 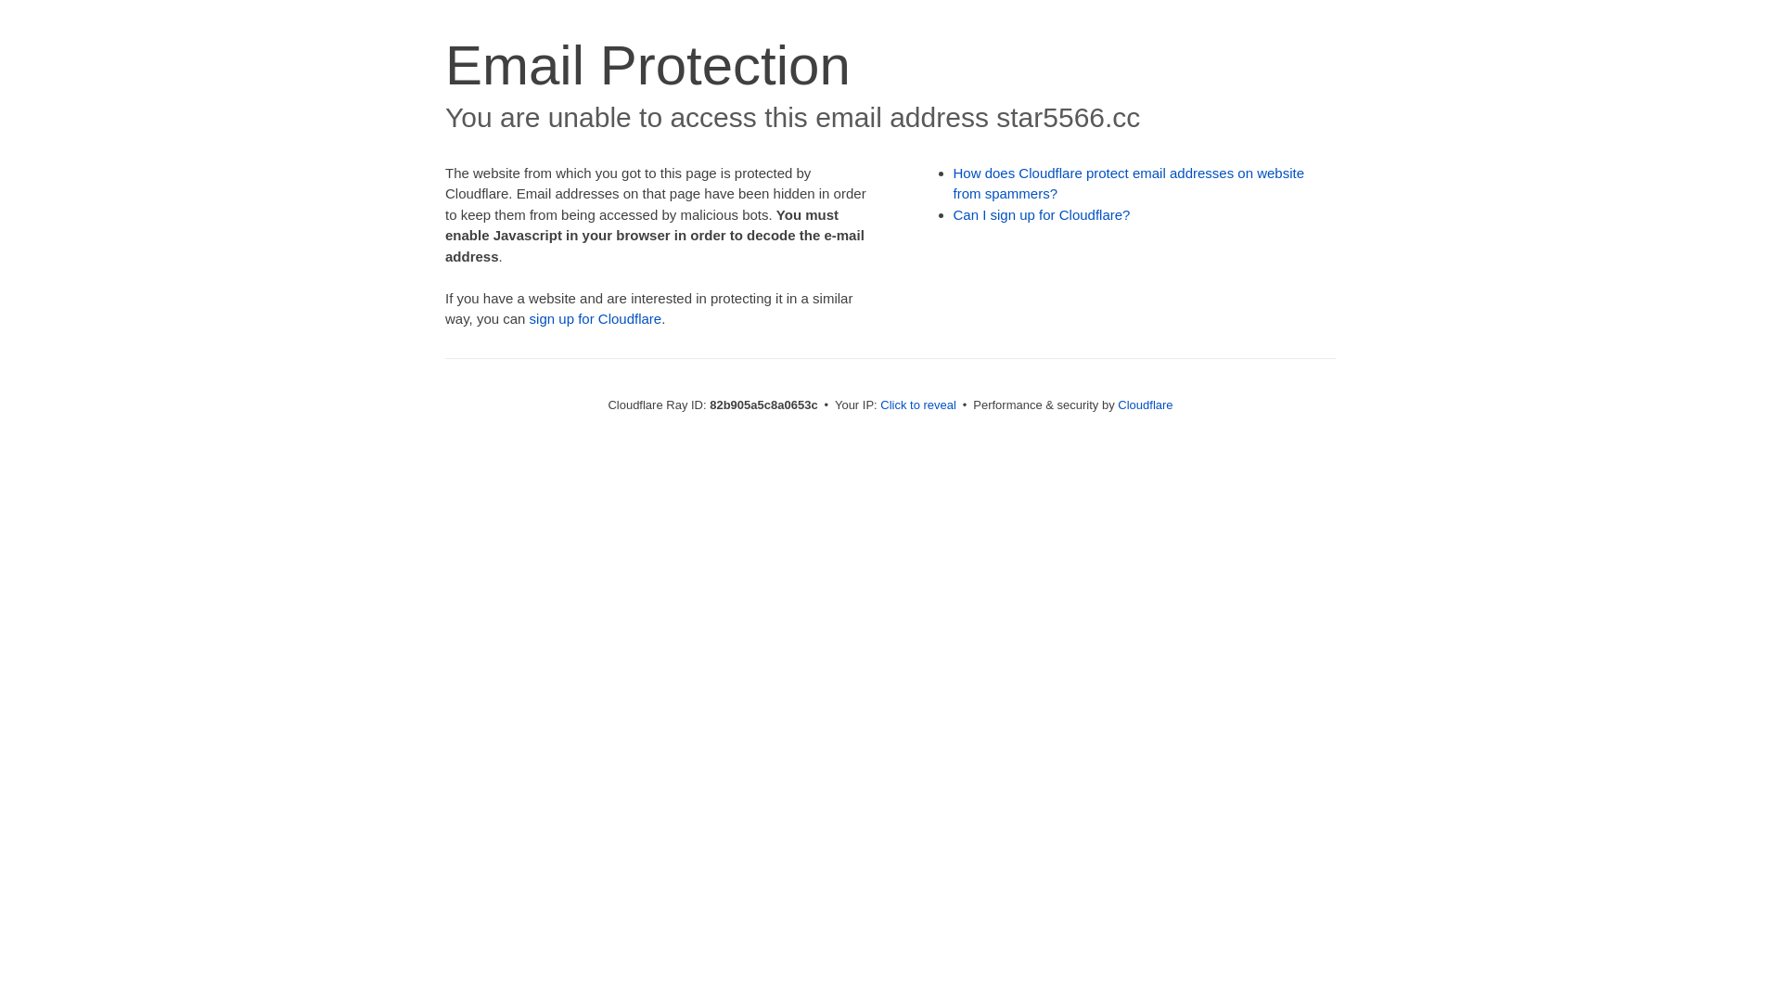 What do you see at coordinates (1144, 404) in the screenshot?
I see `'Cloudflare'` at bounding box center [1144, 404].